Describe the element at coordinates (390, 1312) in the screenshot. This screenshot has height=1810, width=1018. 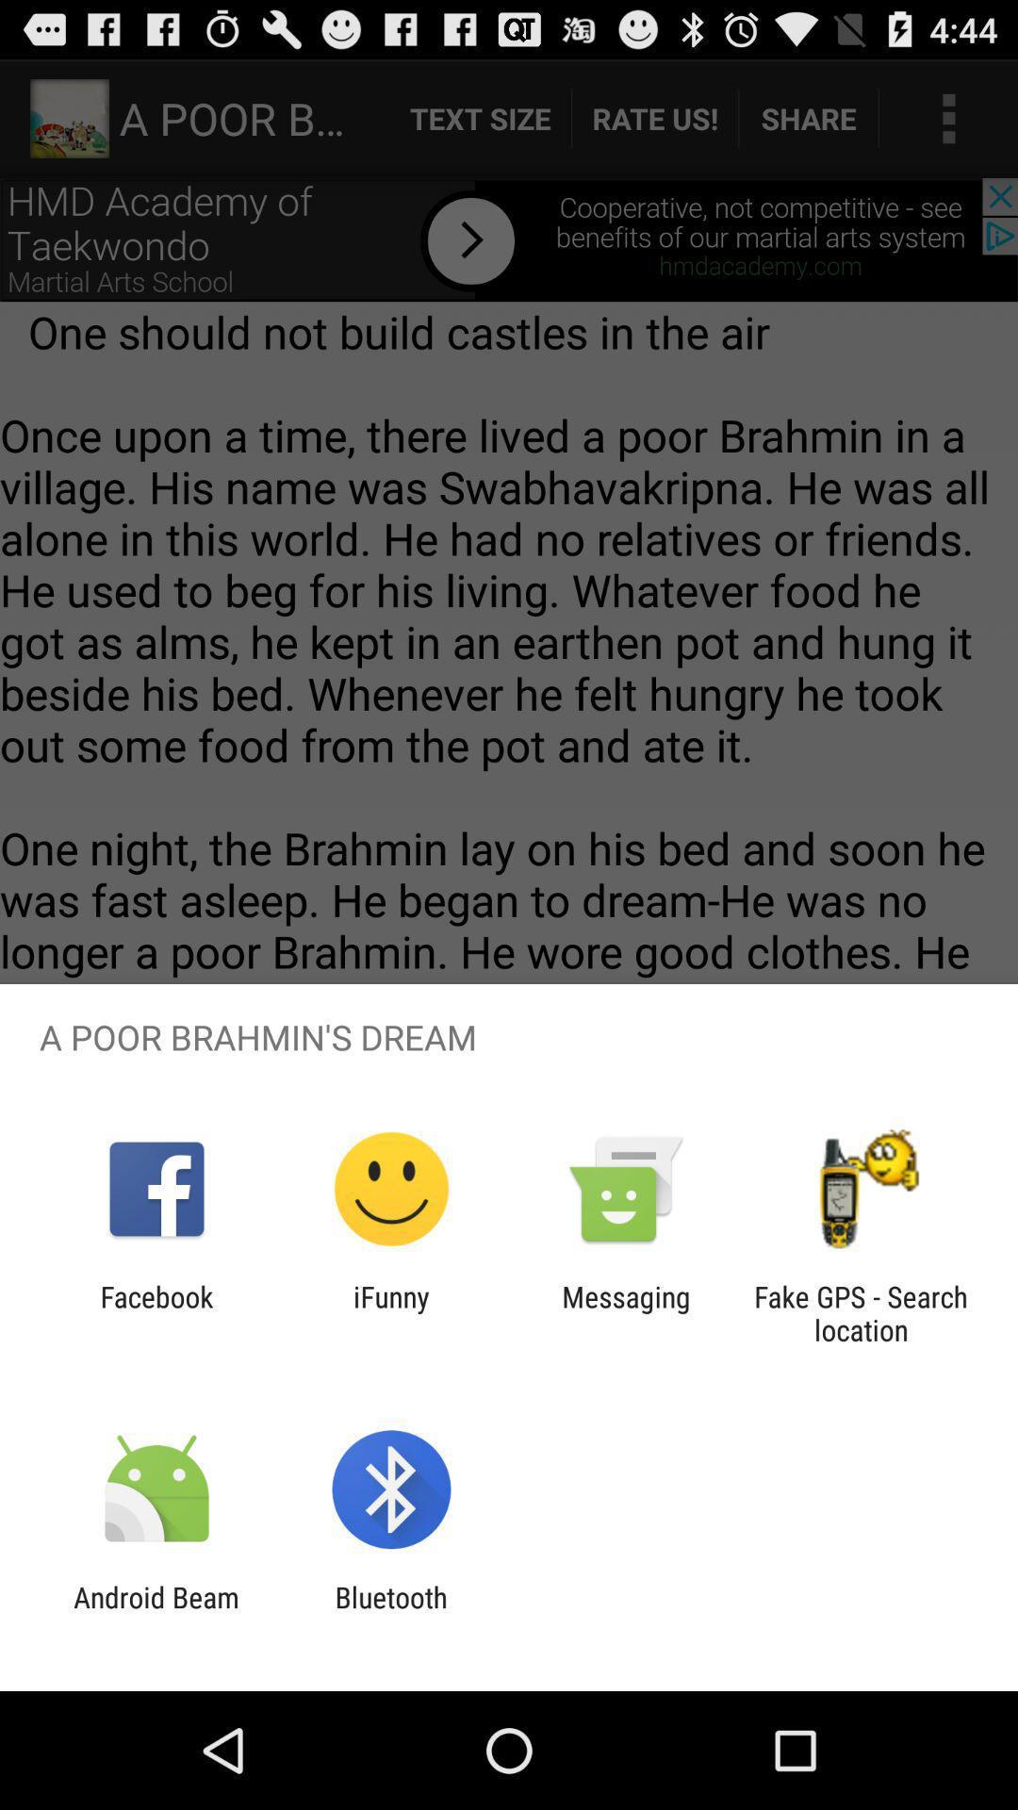
I see `the icon to the left of messaging item` at that location.